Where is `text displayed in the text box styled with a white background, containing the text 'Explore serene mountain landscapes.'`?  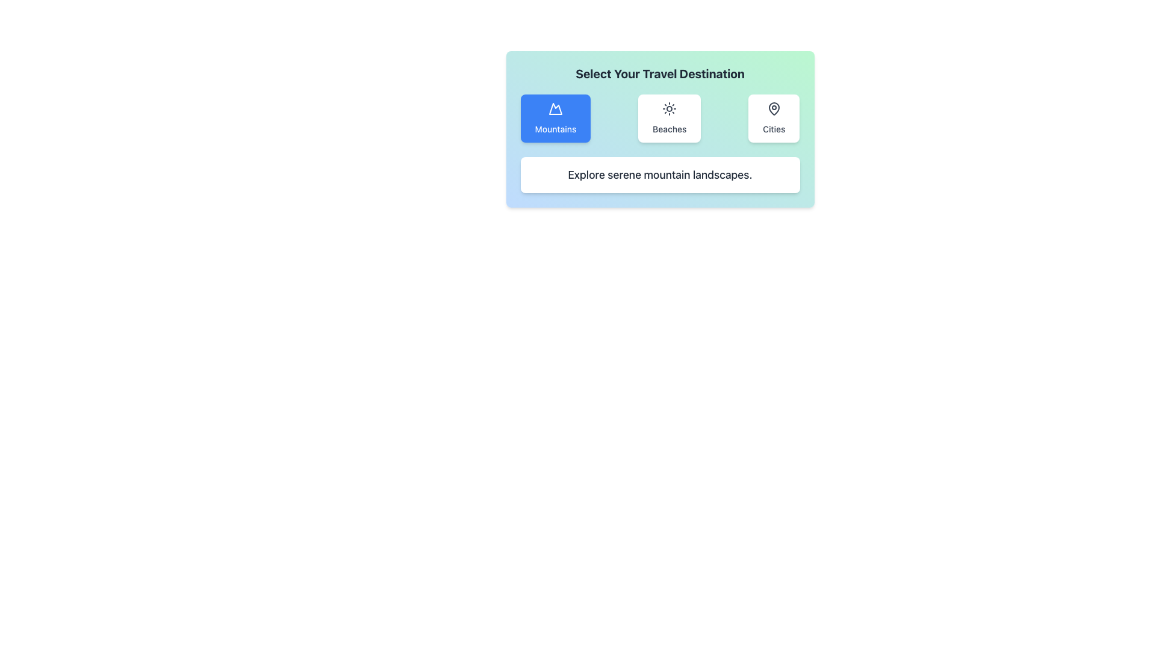
text displayed in the text box styled with a white background, containing the text 'Explore serene mountain landscapes.' is located at coordinates (659, 175).